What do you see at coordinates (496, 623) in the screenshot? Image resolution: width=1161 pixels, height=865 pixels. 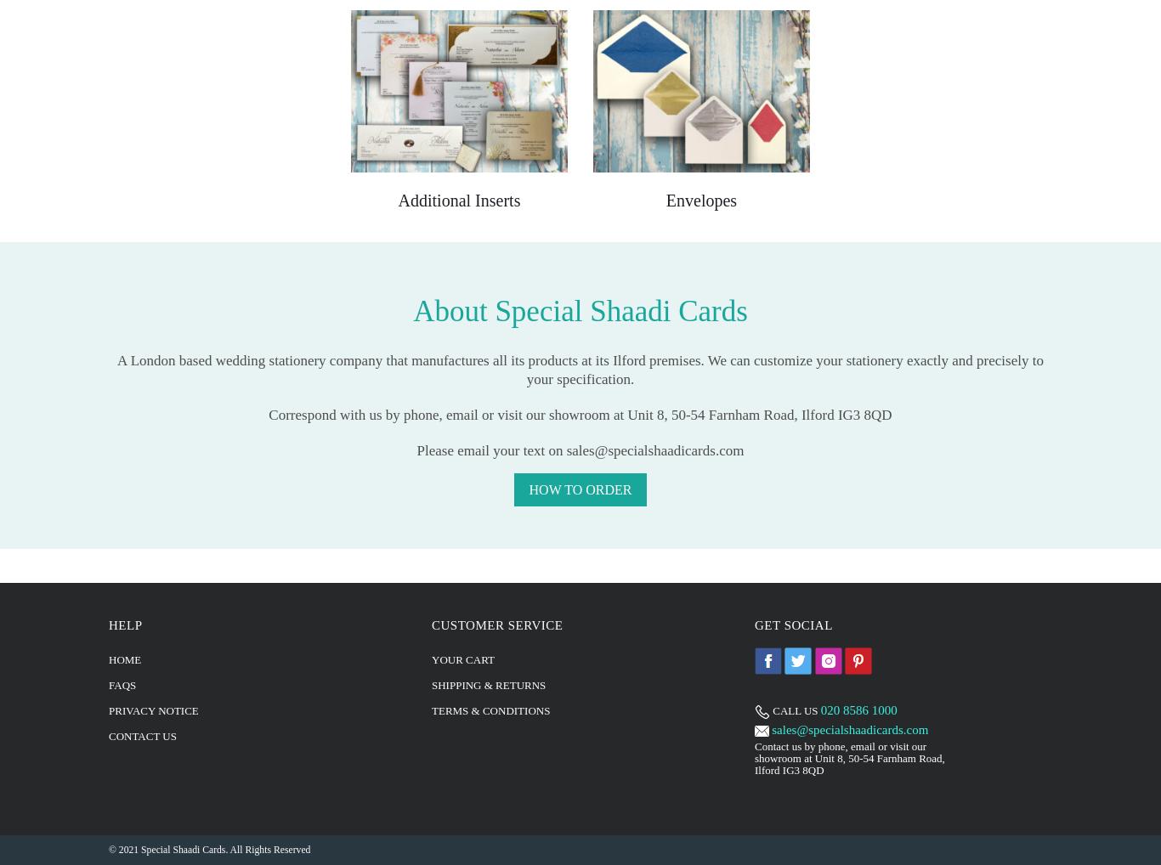 I see `'Customer Service'` at bounding box center [496, 623].